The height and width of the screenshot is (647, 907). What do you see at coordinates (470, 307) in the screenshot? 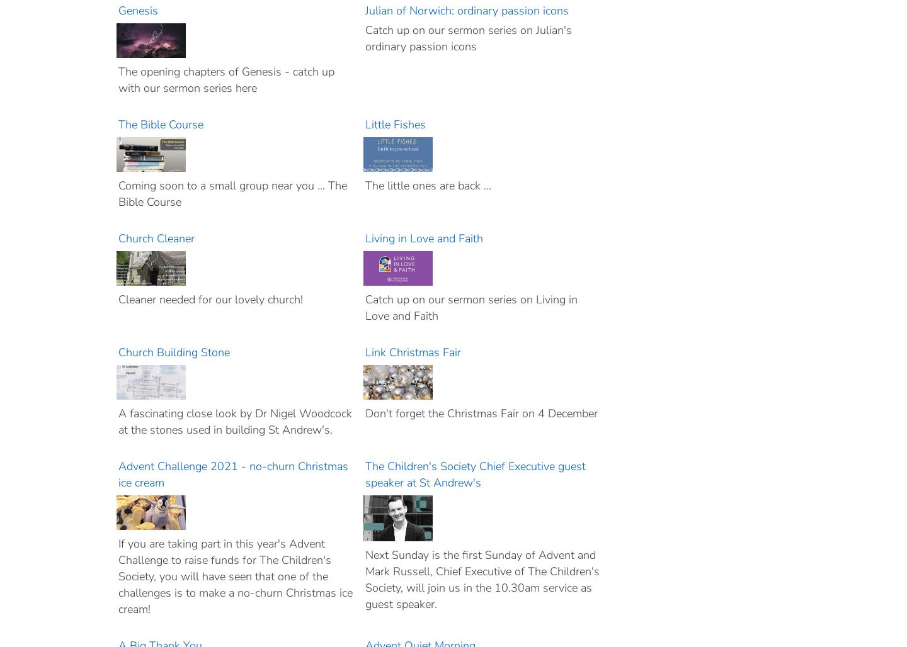
I see `'Catch up on our sermon series on Living in Love and Faith'` at bounding box center [470, 307].